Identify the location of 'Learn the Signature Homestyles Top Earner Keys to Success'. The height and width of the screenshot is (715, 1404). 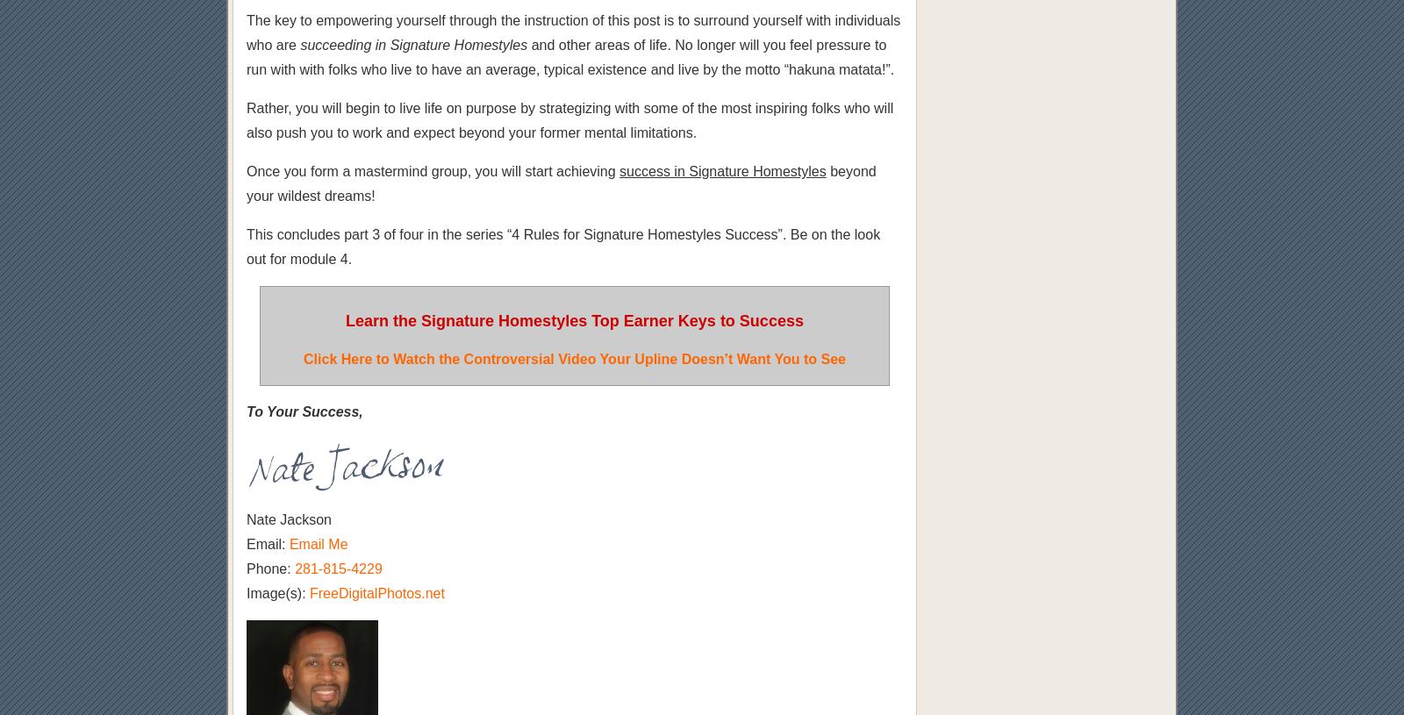
(574, 320).